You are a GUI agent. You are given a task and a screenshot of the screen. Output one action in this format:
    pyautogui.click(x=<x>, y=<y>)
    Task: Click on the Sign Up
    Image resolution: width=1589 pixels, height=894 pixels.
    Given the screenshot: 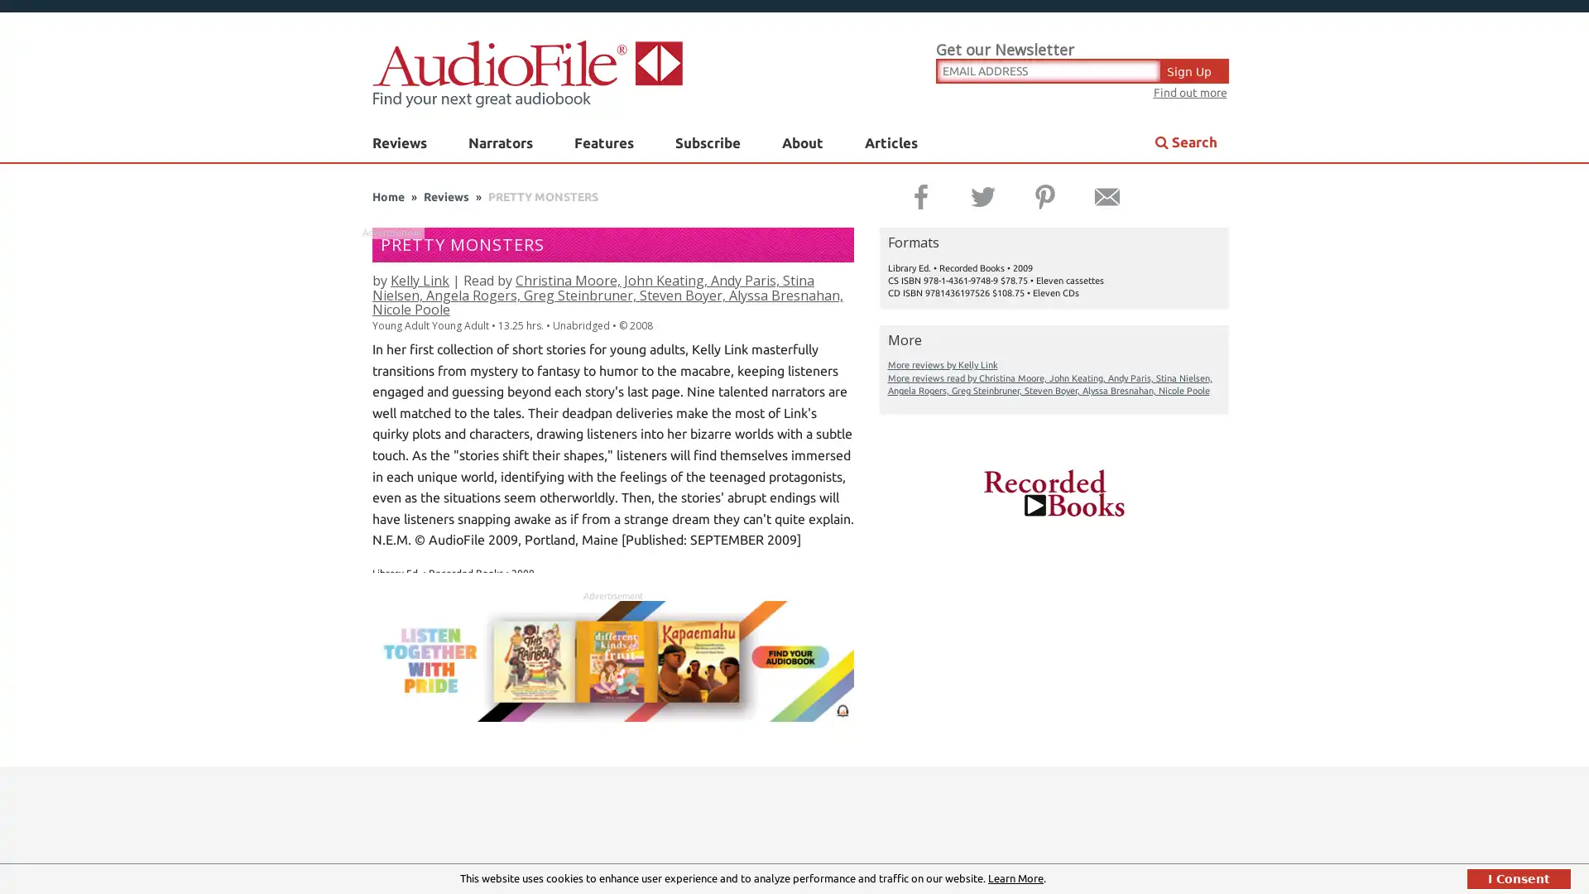 What is the action you would take?
    pyautogui.click(x=1195, y=69)
    